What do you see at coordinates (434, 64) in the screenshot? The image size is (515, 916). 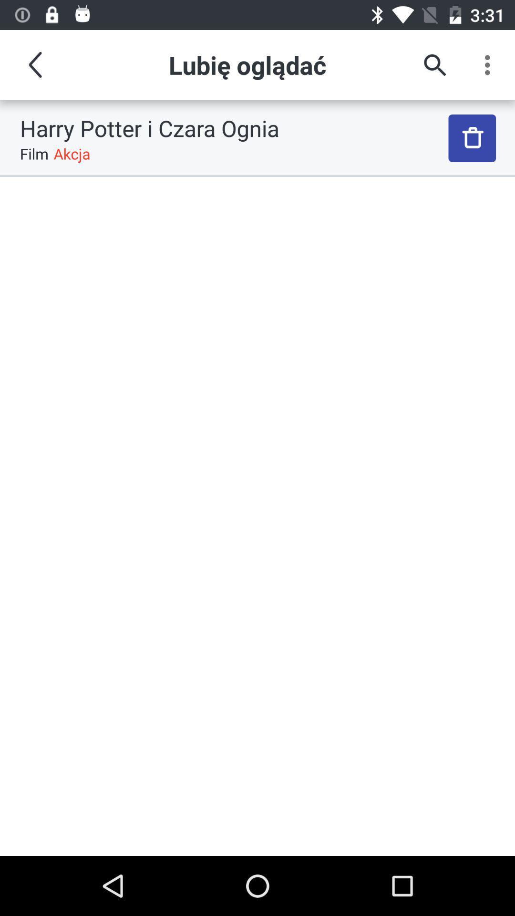 I see `the item above harry potter i` at bounding box center [434, 64].